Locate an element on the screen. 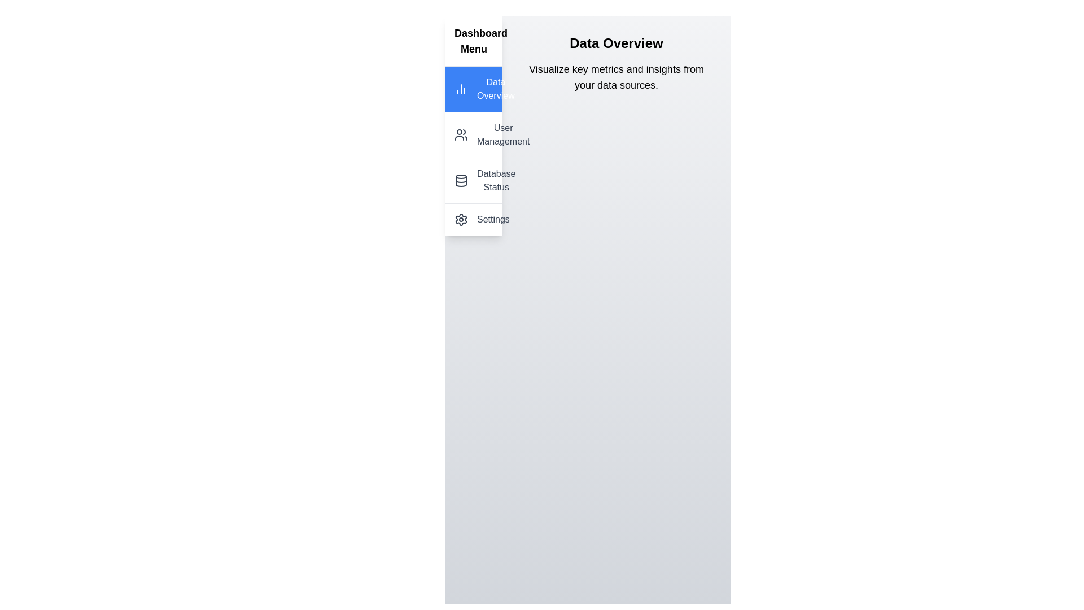  the menu item corresponding to Data Overview to navigate to that section is located at coordinates (474, 89).